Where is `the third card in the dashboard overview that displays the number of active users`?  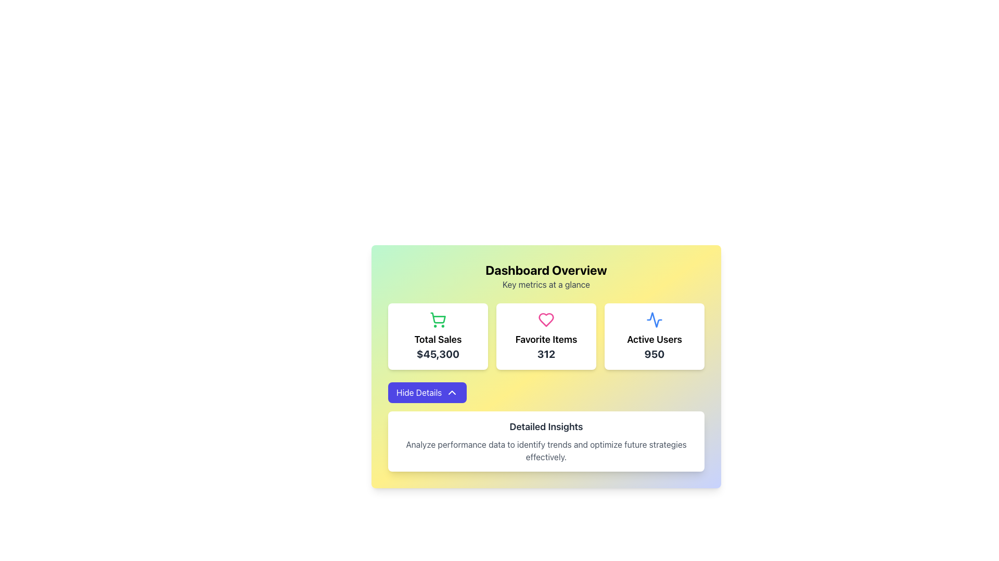
the third card in the dashboard overview that displays the number of active users is located at coordinates (654, 337).